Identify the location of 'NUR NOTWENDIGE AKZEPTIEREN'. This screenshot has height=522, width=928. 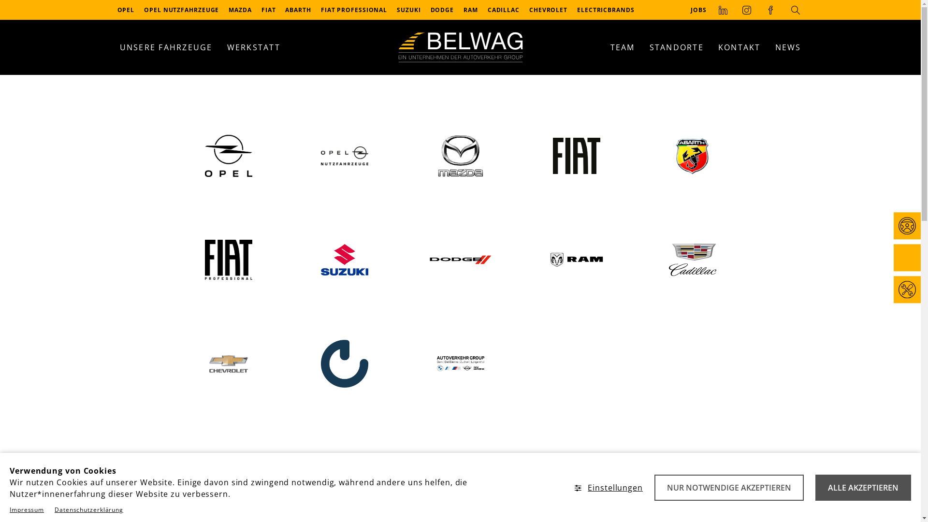
(729, 488).